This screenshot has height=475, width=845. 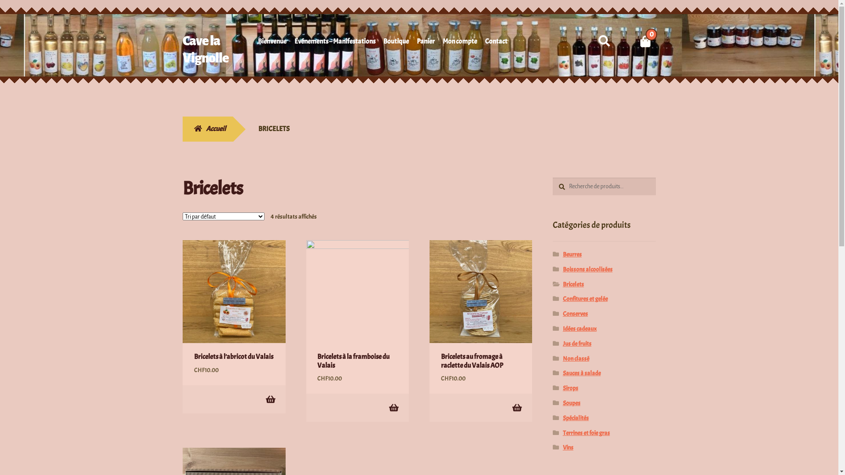 I want to click on 'Jus de fruits', so click(x=577, y=343).